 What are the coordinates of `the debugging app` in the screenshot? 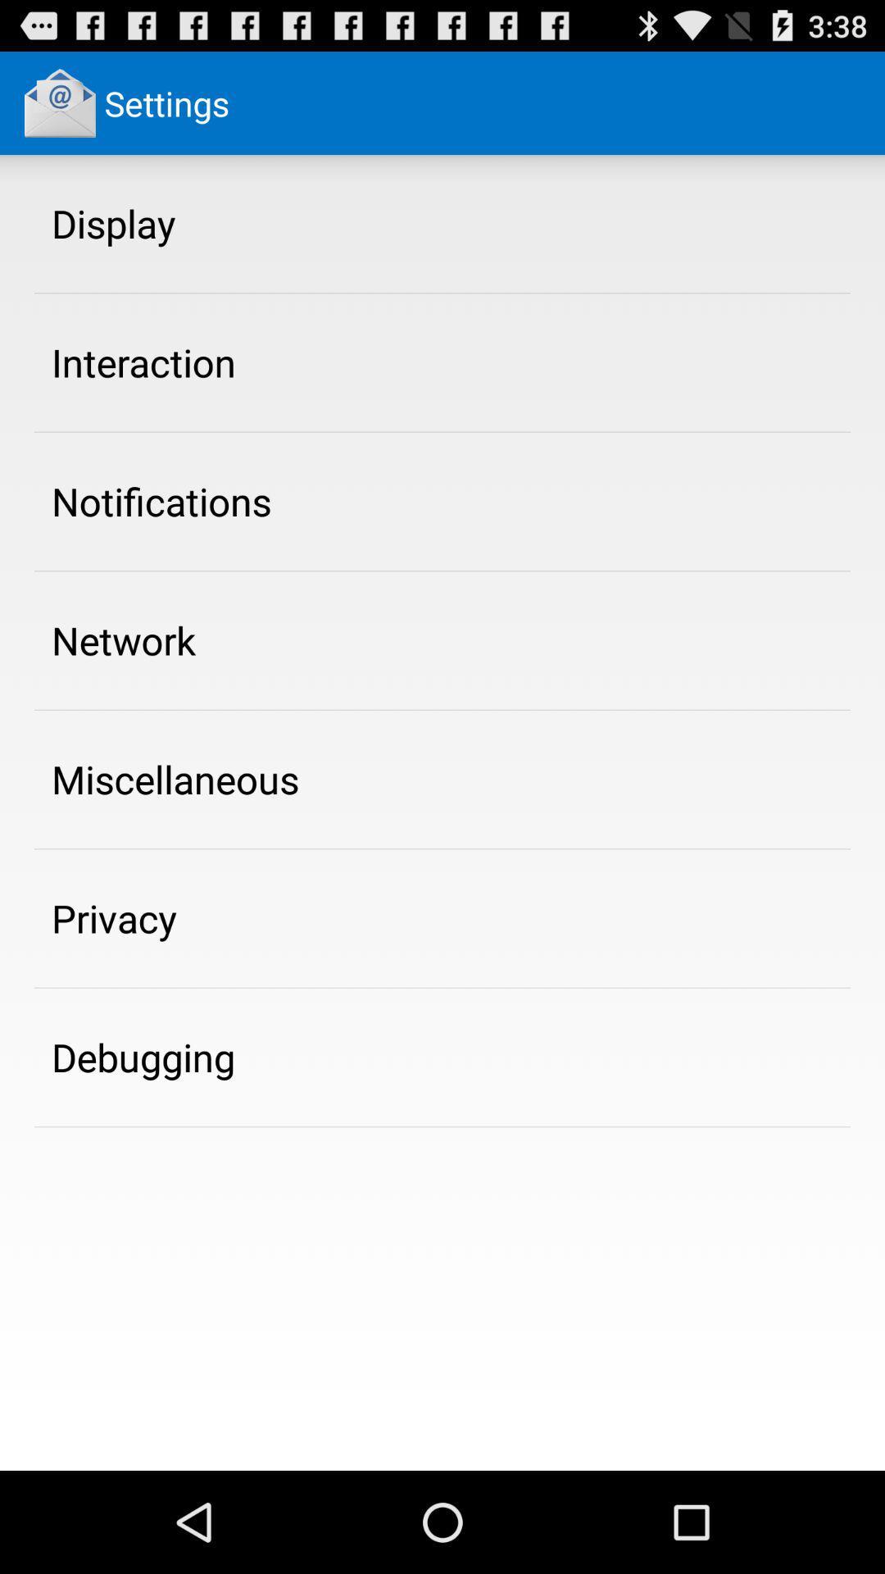 It's located at (143, 1057).